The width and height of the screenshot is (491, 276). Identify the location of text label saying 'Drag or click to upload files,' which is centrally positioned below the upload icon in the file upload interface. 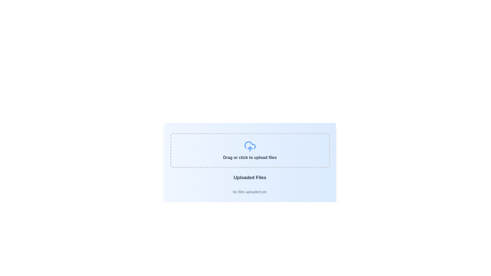
(250, 157).